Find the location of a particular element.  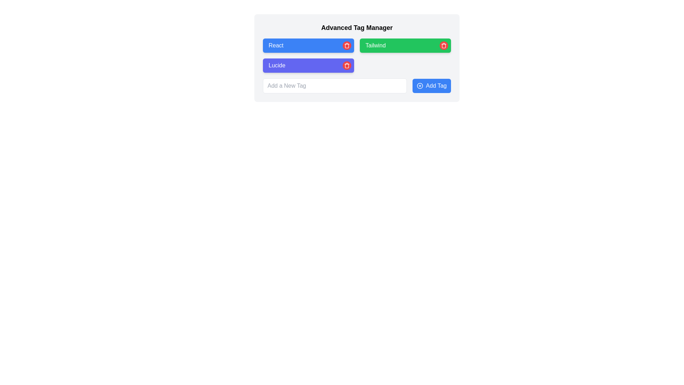

the third button is located at coordinates (308, 66).